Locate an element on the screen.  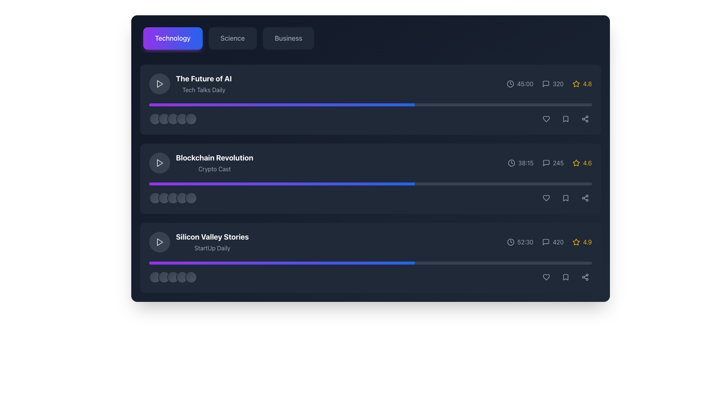
the Icon group, which consists of five circular shapes with a gradient styling and a border, located directly below the text 'The Future of AI - Tech Talks Daily' and aligned with the progress bar is located at coordinates (172, 119).